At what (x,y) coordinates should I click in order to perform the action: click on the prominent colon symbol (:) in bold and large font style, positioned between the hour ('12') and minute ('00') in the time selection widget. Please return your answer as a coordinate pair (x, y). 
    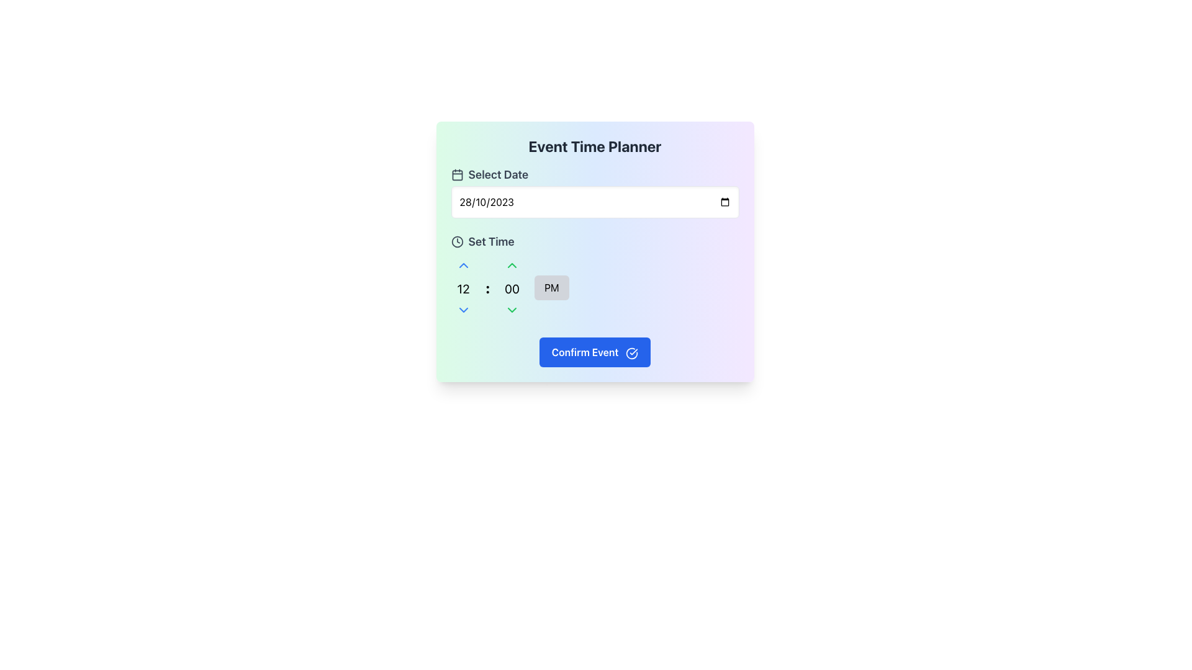
    Looking at the image, I should click on (487, 287).